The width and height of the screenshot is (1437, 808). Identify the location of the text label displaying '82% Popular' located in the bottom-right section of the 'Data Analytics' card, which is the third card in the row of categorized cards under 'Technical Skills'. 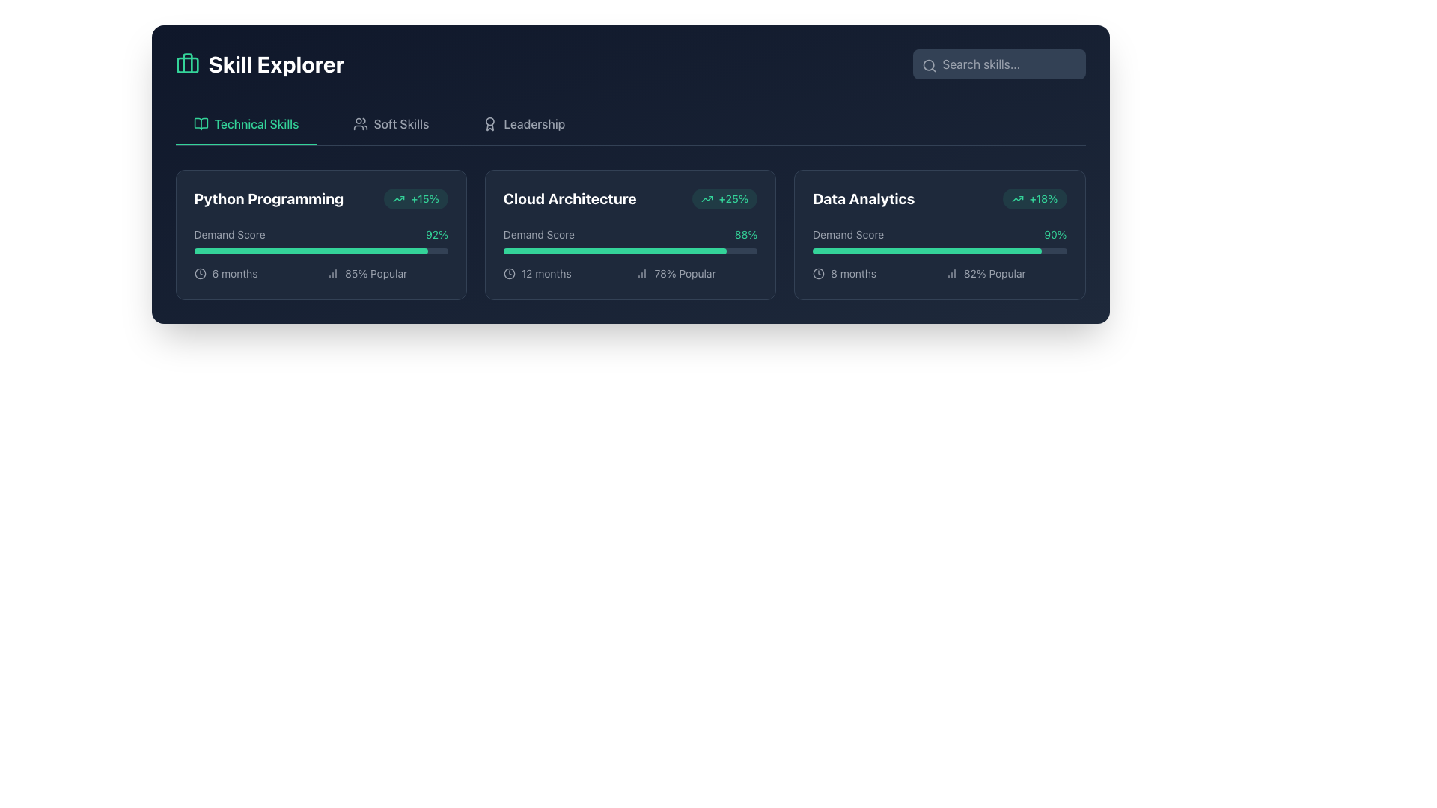
(995, 274).